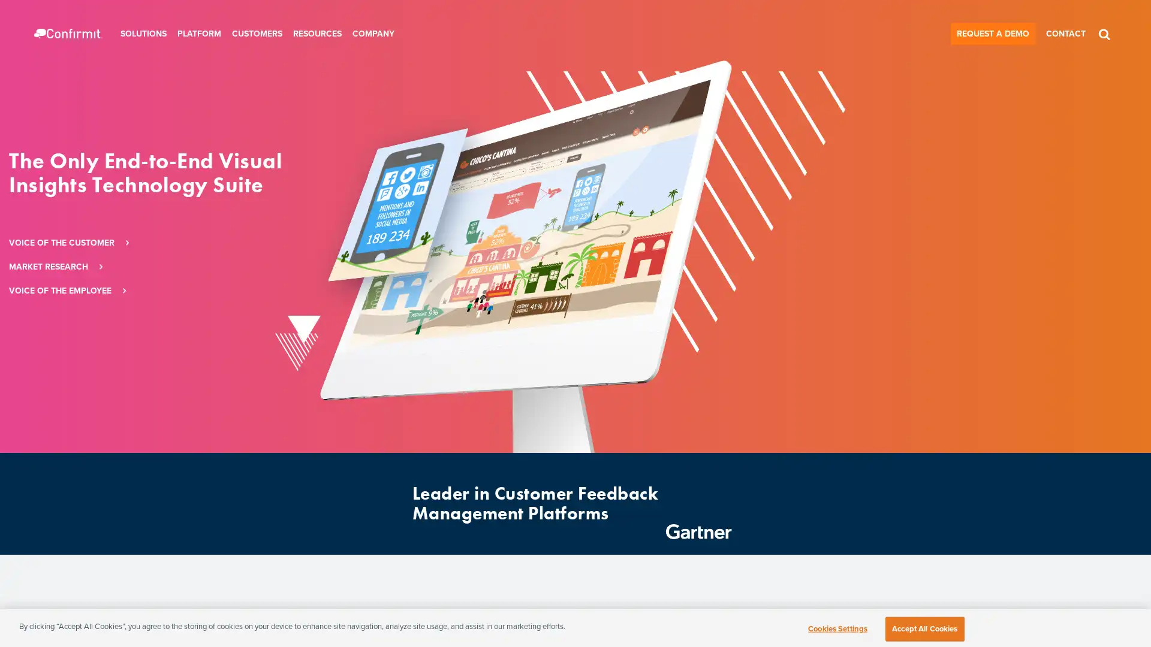 The width and height of the screenshot is (1151, 647). I want to click on Accept All Cookies, so click(924, 628).